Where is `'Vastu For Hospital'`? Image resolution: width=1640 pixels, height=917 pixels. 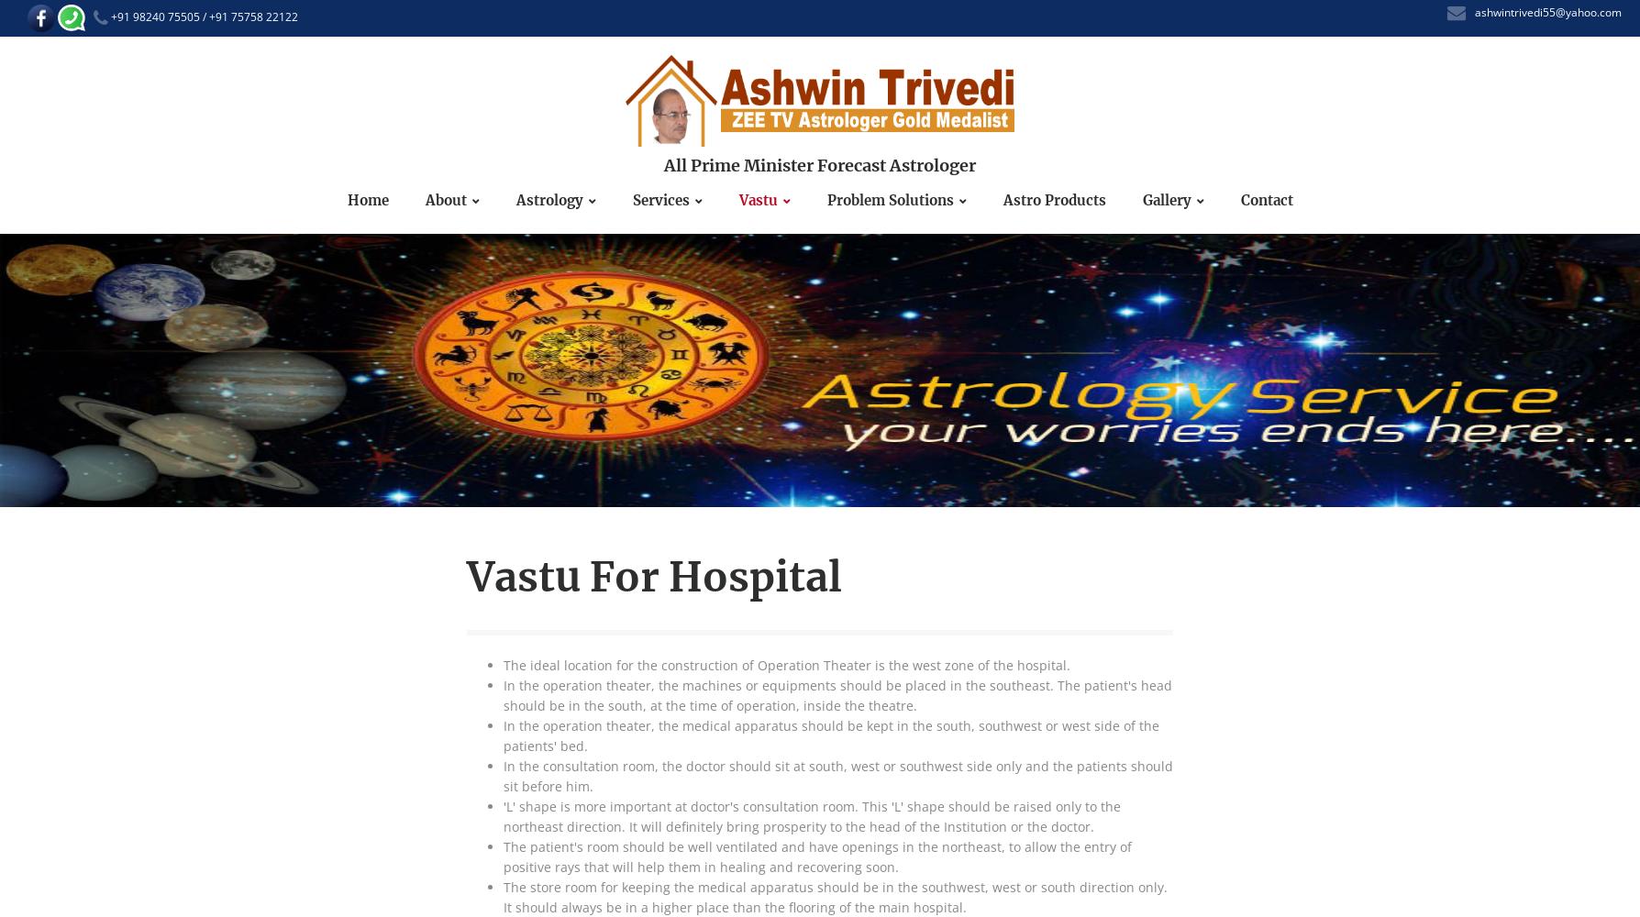 'Vastu For Hospital' is located at coordinates (467, 577).